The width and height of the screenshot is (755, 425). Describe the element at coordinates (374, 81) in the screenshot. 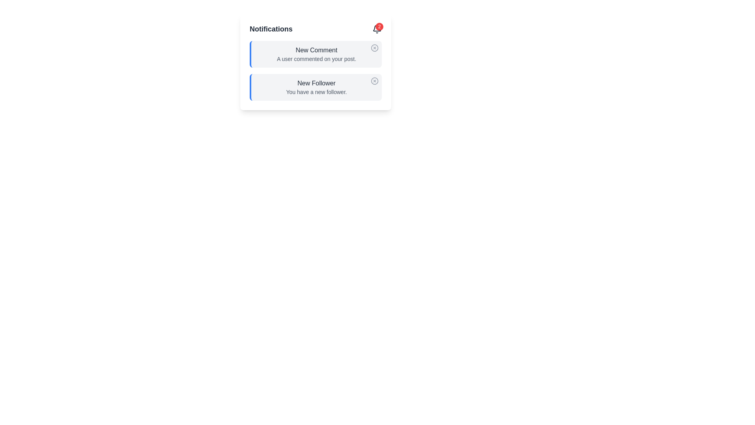

I see `the circular icon component used for interactive purposes, typically a cancel or close button, located within the last notification item in the notification interface` at that location.